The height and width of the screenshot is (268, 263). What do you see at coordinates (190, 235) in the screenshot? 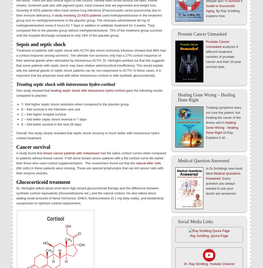
I see `'Ray Schilling, Quora Page'` at bounding box center [190, 235].